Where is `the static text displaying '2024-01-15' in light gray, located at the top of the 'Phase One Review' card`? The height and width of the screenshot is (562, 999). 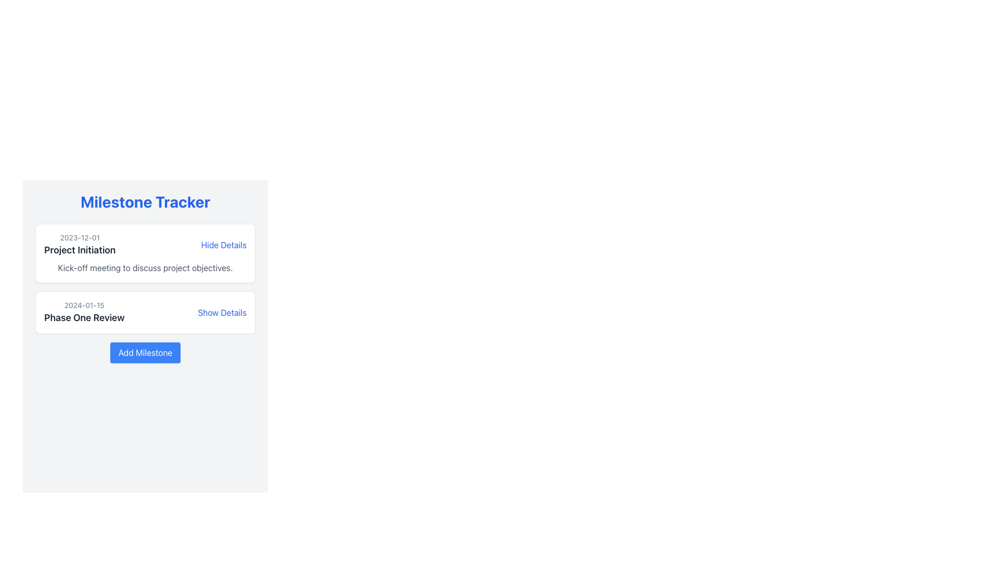 the static text displaying '2024-01-15' in light gray, located at the top of the 'Phase One Review' card is located at coordinates (84, 304).